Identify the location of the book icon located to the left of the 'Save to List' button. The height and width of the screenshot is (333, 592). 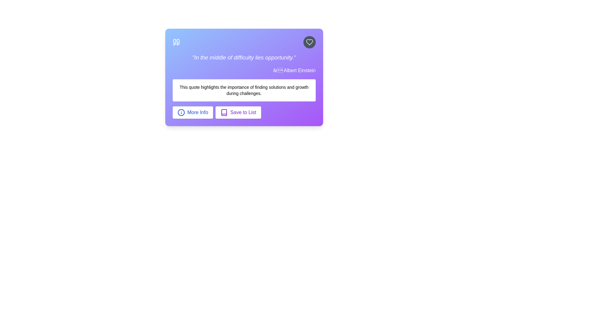
(224, 113).